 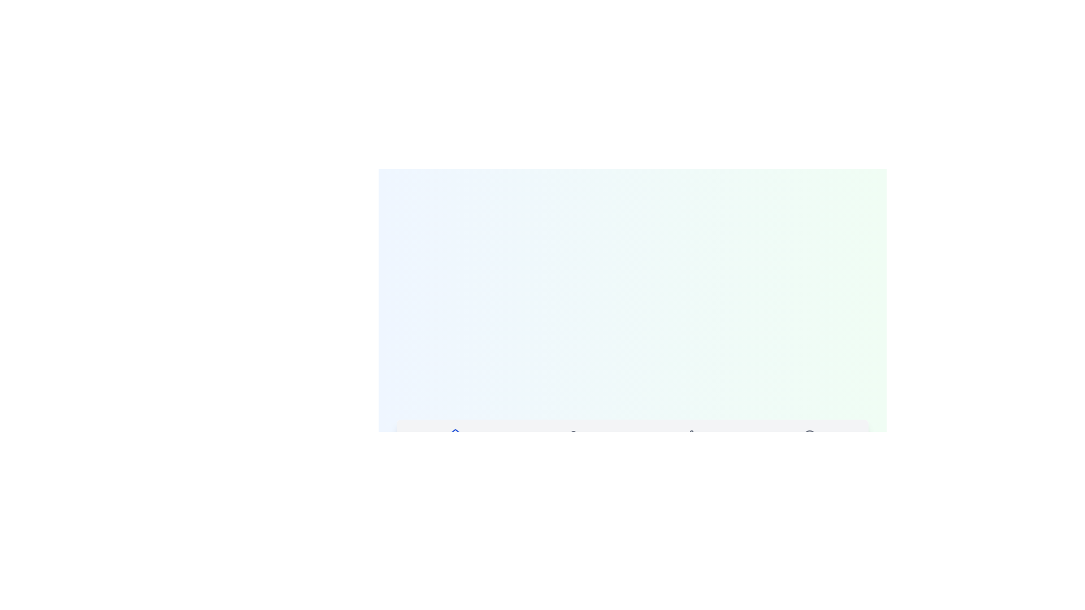 I want to click on the icon of the tab labeled Dashboard, so click(x=455, y=434).